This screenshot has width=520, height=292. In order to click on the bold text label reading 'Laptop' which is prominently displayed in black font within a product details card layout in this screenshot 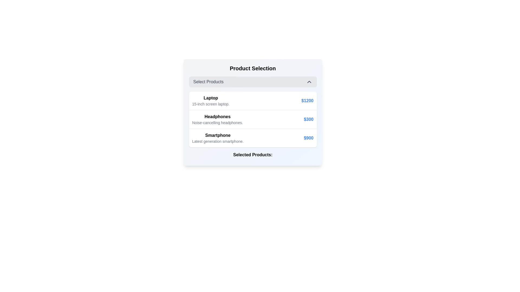, I will do `click(210, 98)`.